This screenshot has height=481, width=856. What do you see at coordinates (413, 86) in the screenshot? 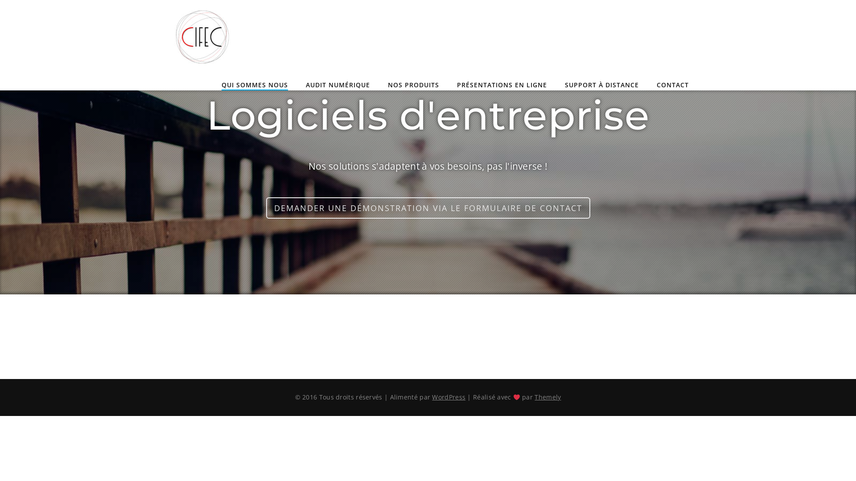
I see `'NOS PRODUITS'` at bounding box center [413, 86].